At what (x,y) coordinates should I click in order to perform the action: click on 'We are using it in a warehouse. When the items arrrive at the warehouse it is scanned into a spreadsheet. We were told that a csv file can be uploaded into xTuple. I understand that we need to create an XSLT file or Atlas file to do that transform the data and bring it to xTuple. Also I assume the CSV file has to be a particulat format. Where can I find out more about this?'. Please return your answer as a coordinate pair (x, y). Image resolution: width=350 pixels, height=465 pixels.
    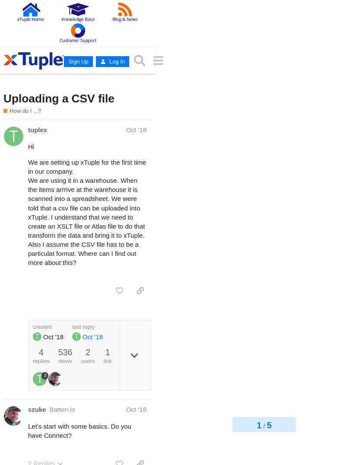
    Looking at the image, I should click on (86, 221).